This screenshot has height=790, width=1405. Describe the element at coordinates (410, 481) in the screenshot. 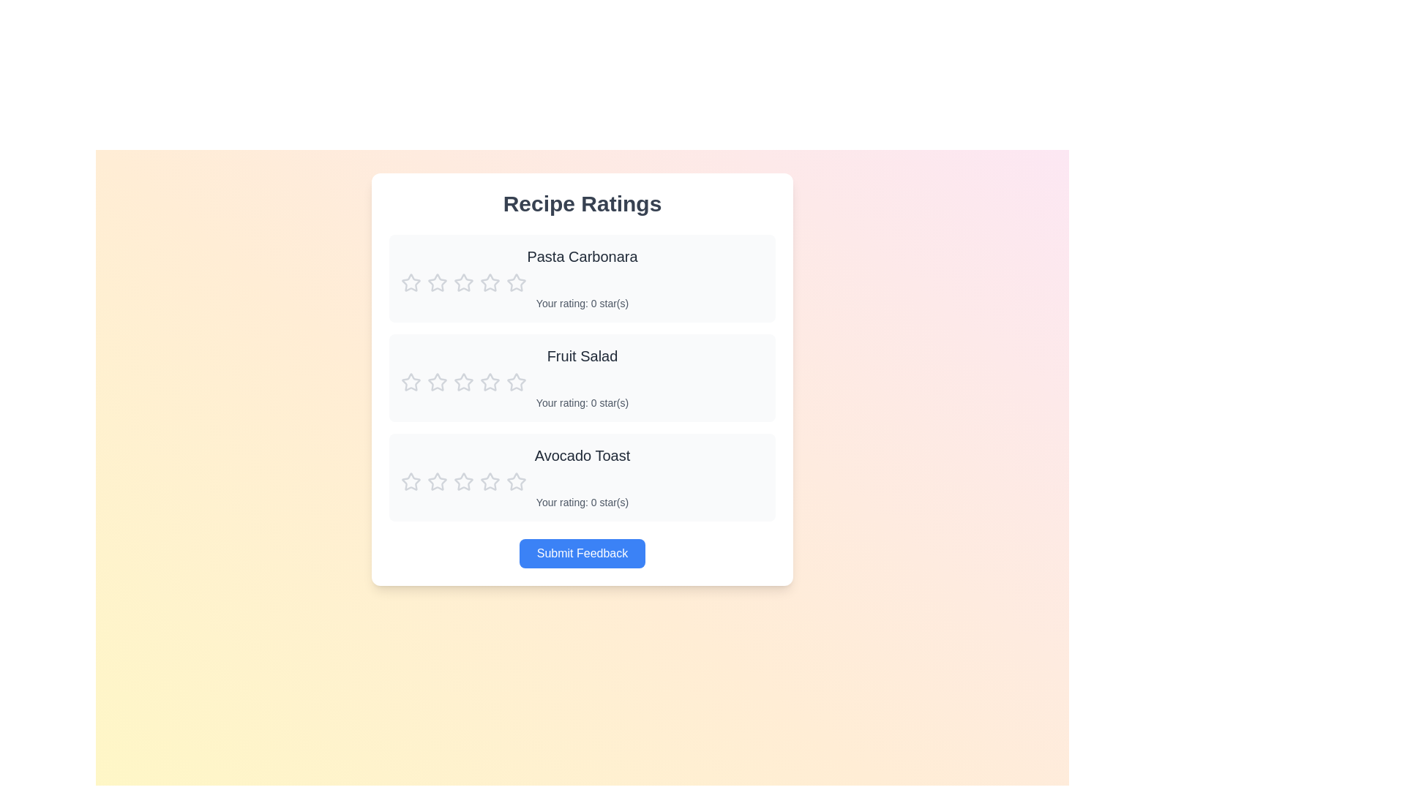

I see `the first gray star icon in the rating section of 'Avocado Toast' to set a rating of 1 star` at that location.